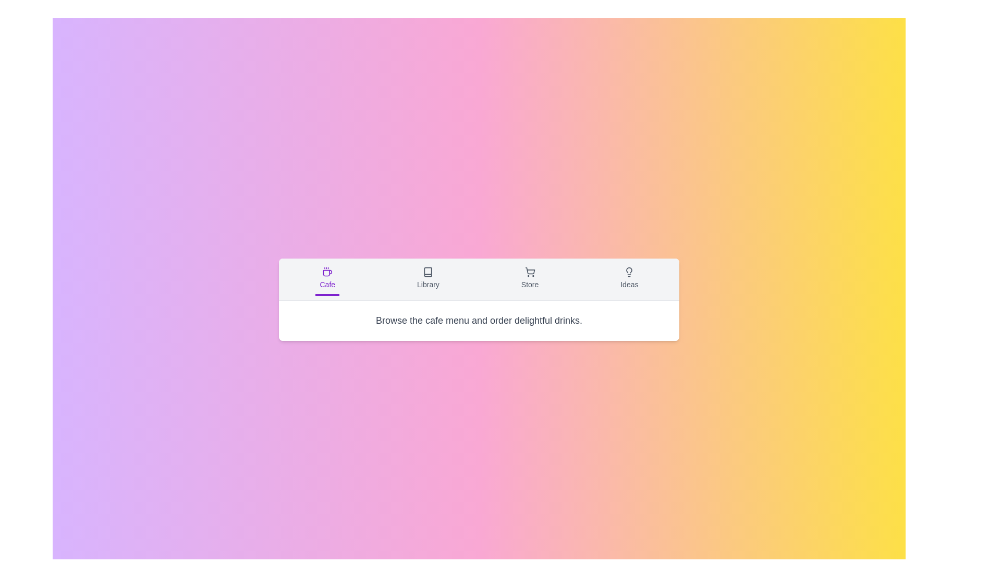 This screenshot has width=1001, height=563. What do you see at coordinates (428, 284) in the screenshot?
I see `'Library' text label, which serves as an indicator for the Library section located beneath the book icon and between the 'Cafe' and 'Store' labels` at bounding box center [428, 284].